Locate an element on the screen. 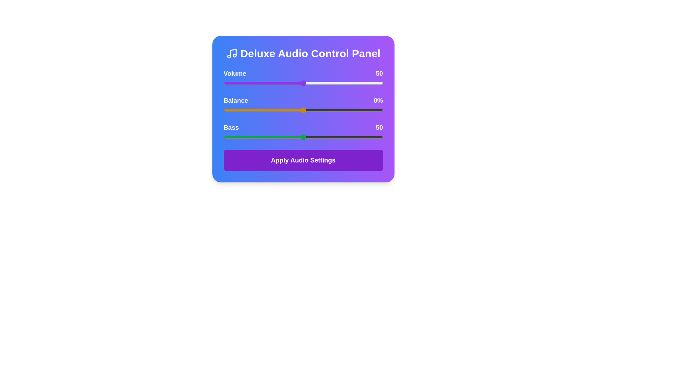 Image resolution: width=683 pixels, height=384 pixels. bass level is located at coordinates (373, 137).